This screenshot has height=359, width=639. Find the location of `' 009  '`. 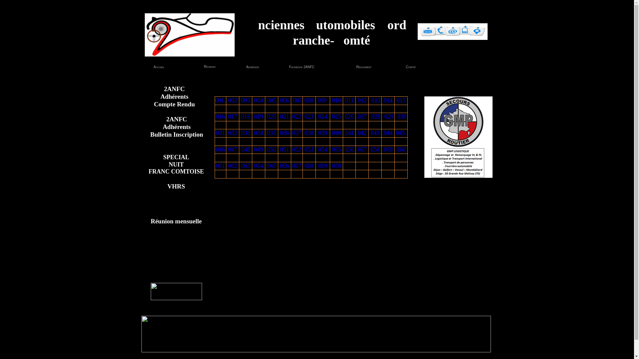

' 009  ' is located at coordinates (316, 100).